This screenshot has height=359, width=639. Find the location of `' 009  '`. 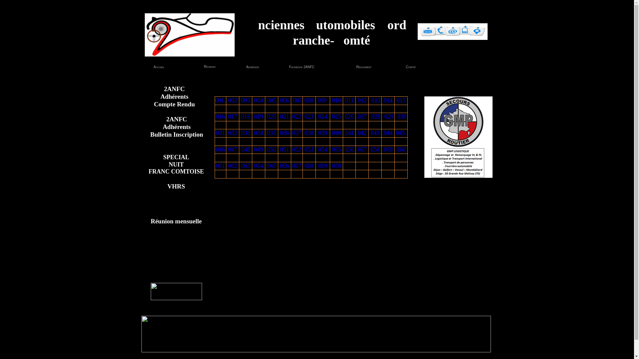

' 009  ' is located at coordinates (316, 100).